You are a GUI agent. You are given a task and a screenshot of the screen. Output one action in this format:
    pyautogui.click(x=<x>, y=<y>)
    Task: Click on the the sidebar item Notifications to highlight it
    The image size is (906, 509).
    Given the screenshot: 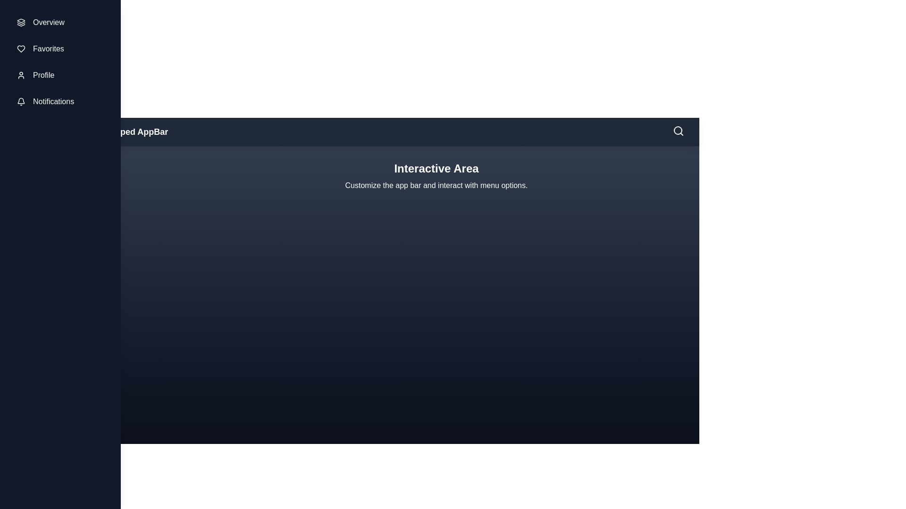 What is the action you would take?
    pyautogui.click(x=60, y=102)
    